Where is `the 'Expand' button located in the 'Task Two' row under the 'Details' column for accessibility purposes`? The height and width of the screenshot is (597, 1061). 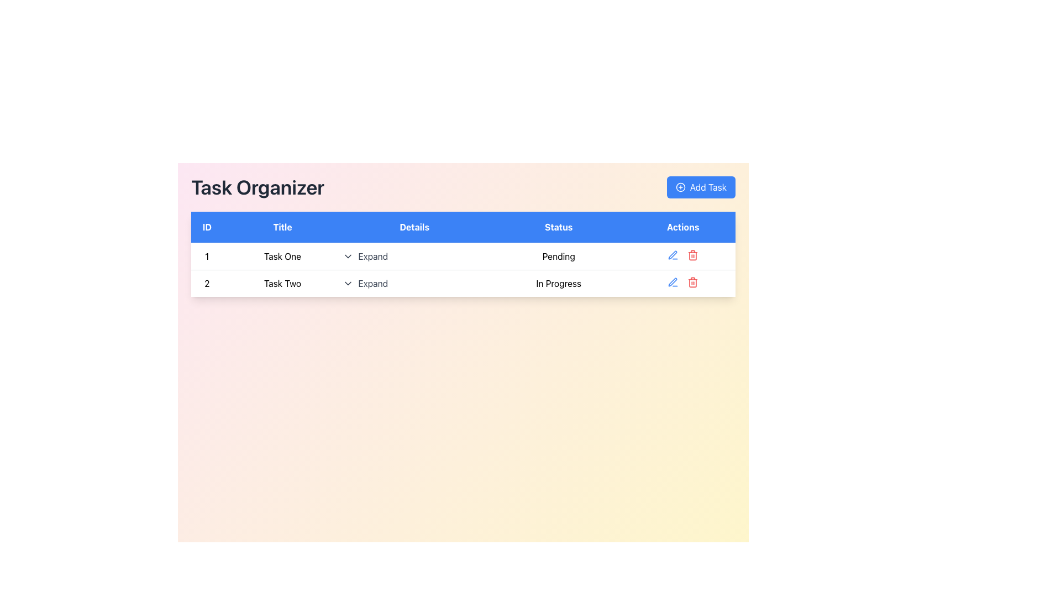
the 'Expand' button located in the 'Task Two' row under the 'Details' column for accessibility purposes is located at coordinates (414, 282).